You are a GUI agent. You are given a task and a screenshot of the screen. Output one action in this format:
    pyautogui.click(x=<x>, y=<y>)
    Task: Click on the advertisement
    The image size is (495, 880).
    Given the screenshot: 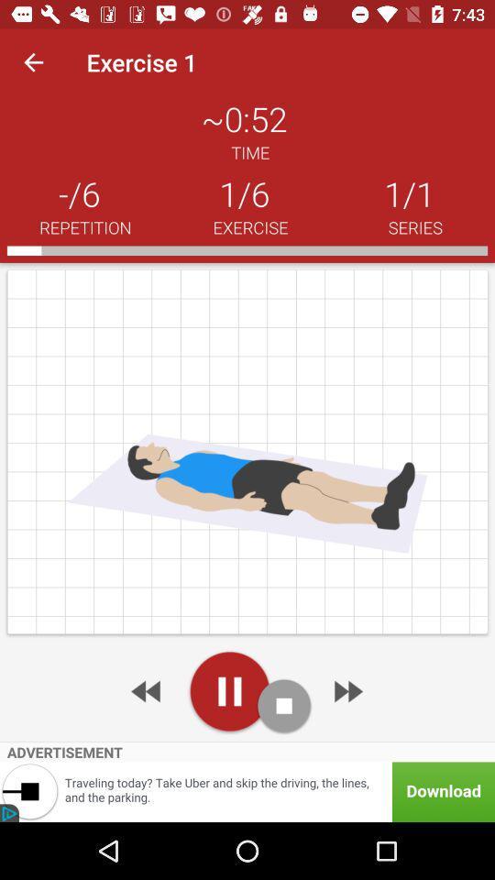 What is the action you would take?
    pyautogui.click(x=346, y=690)
    